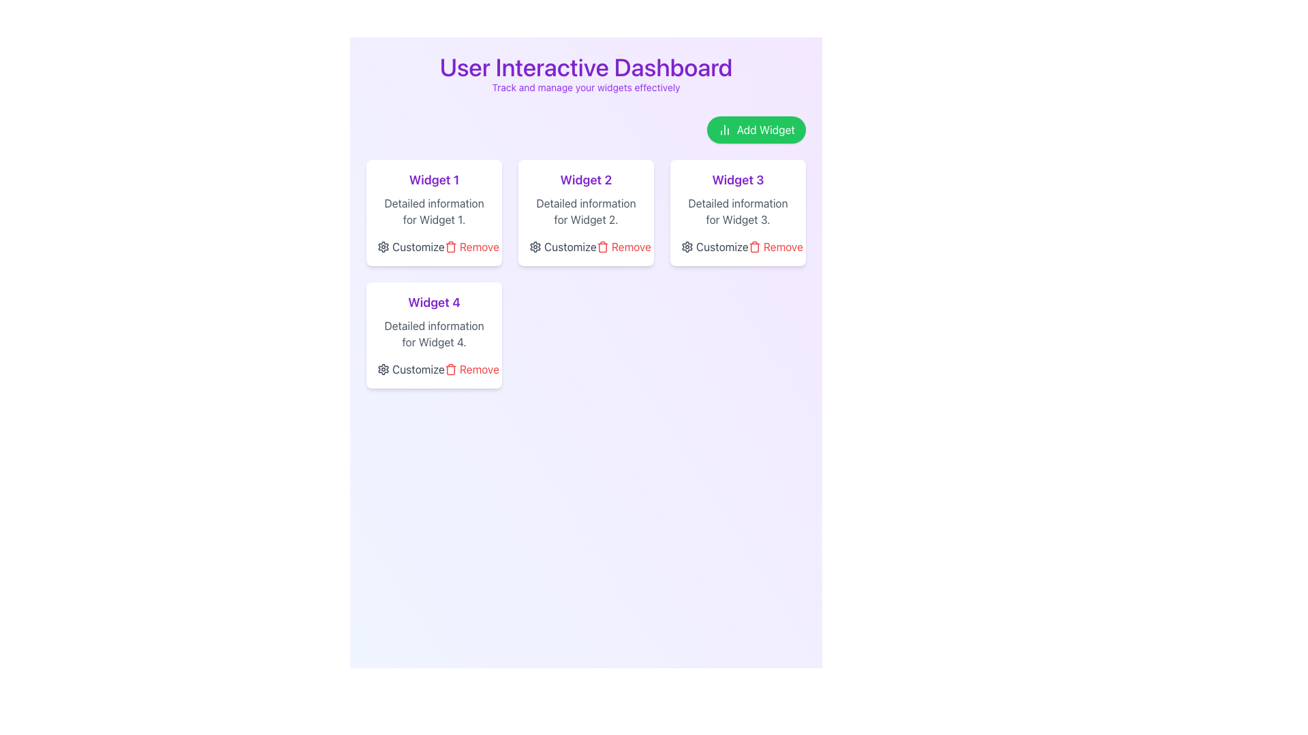 The width and height of the screenshot is (1308, 735). Describe the element at coordinates (471, 246) in the screenshot. I see `the delete button located at the bottom-right corner of 'Widget 1'` at that location.